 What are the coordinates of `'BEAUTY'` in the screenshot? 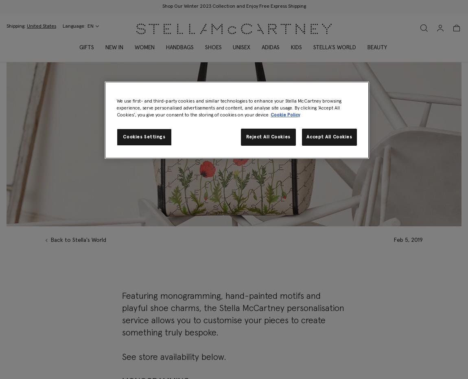 It's located at (377, 48).